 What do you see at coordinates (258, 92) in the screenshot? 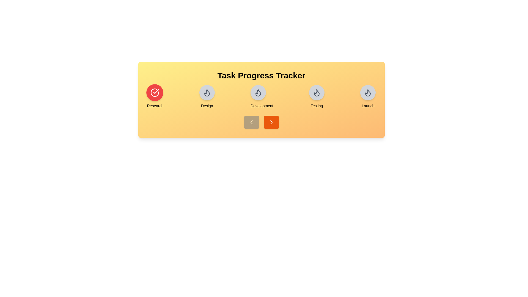
I see `the circular icon with a flame symbol inside, which is styled in a muted gray color scheme and located above the text 'Development' in a task progress tracker` at bounding box center [258, 92].